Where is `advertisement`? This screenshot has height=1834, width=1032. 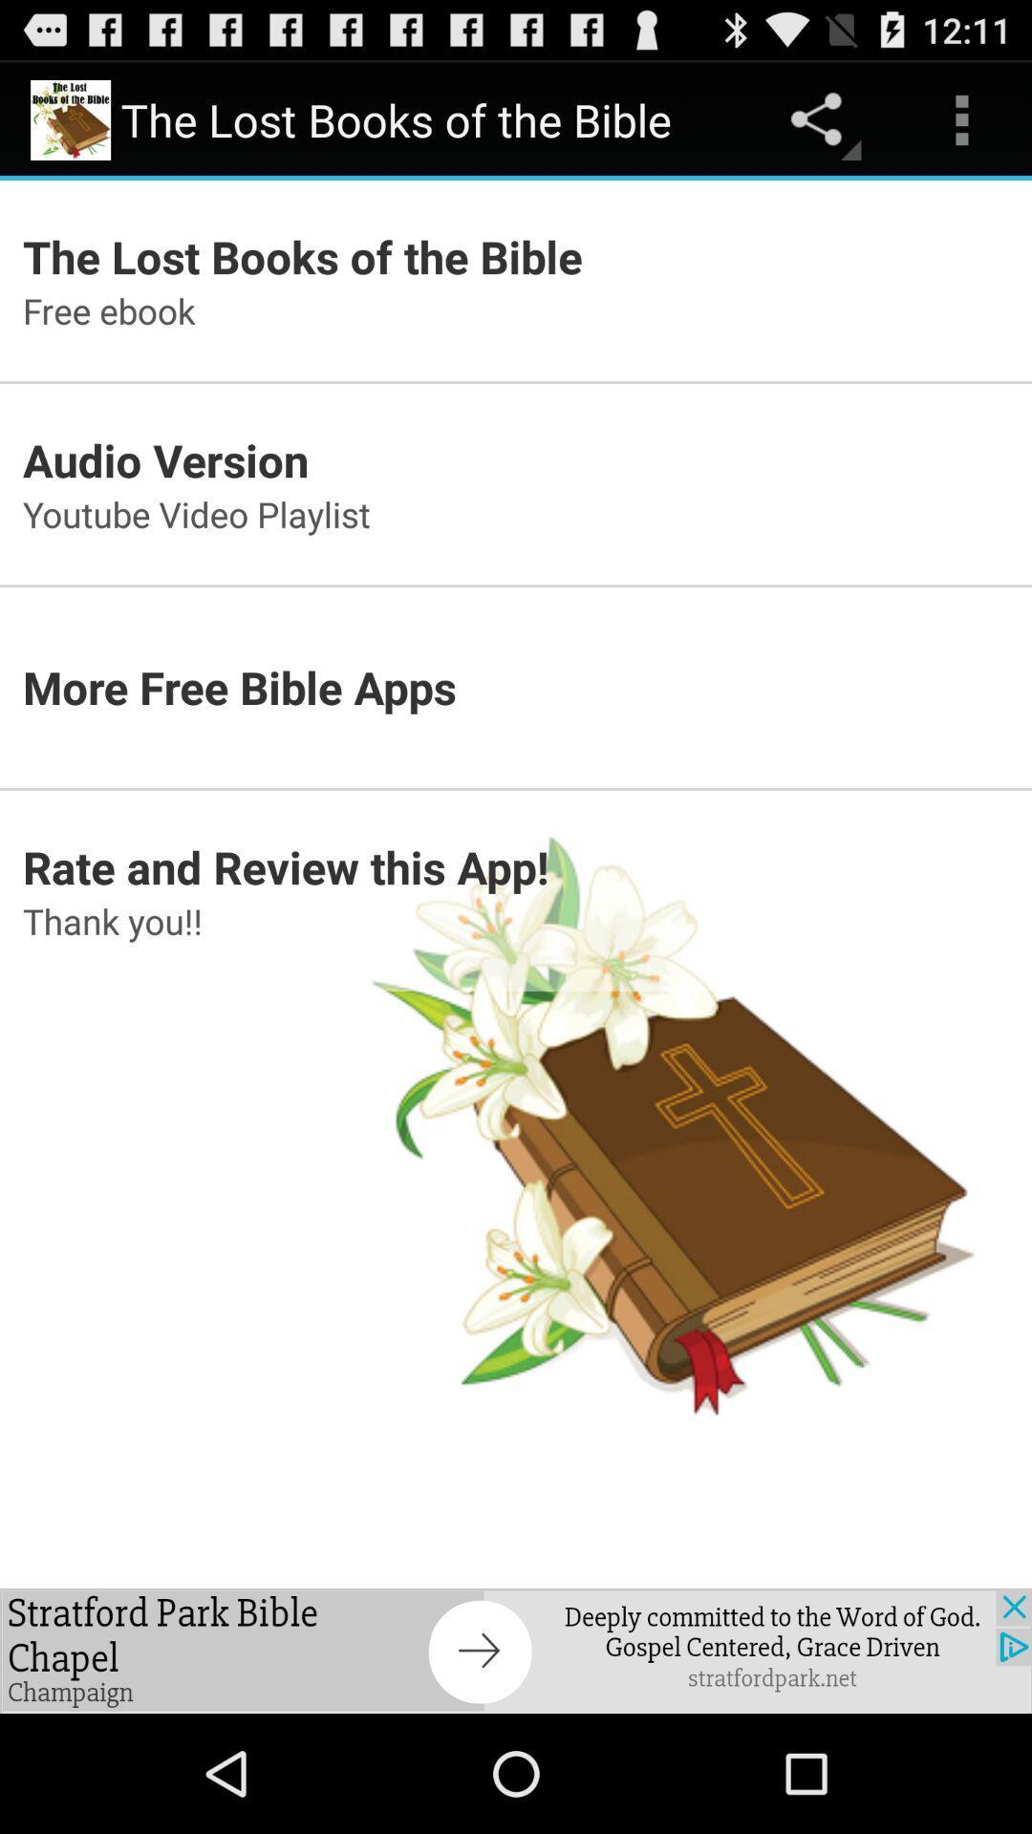
advertisement is located at coordinates (516, 1650).